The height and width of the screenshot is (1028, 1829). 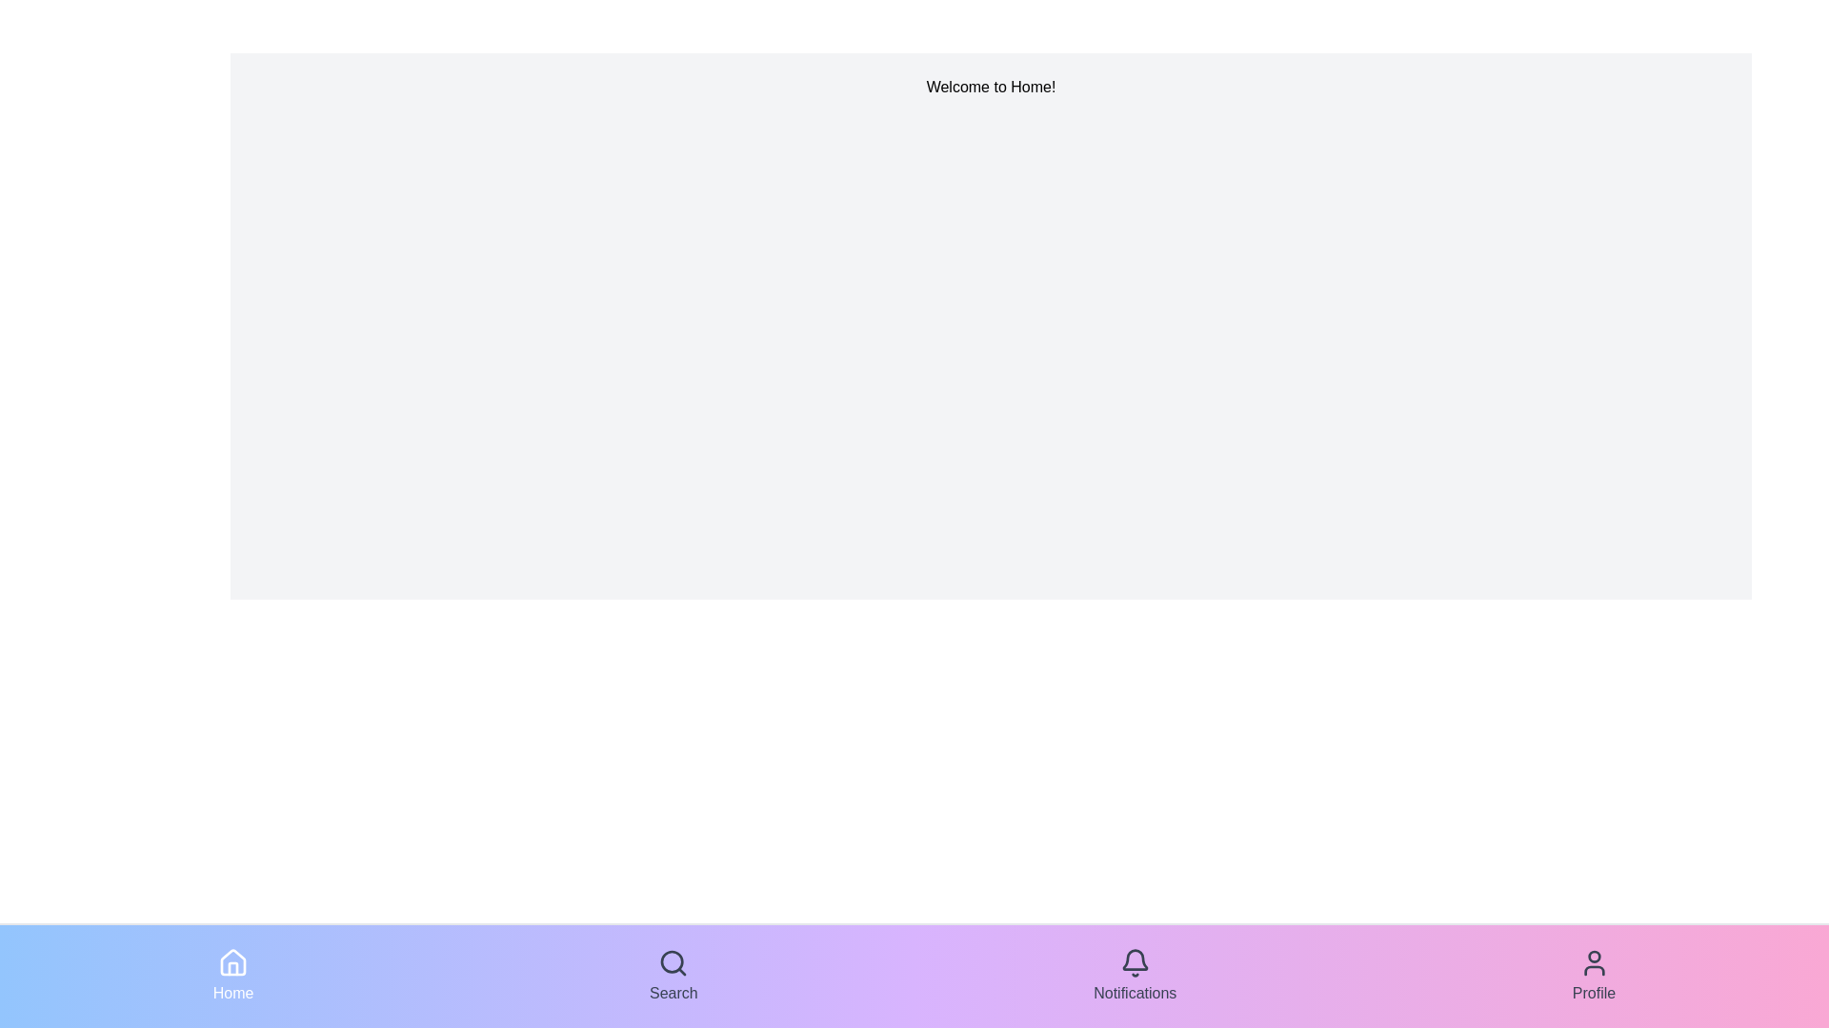 I want to click on the home button text label located in the bottom navigation bar, which provides a textual representation of the home icon's function, so click(x=232, y=993).